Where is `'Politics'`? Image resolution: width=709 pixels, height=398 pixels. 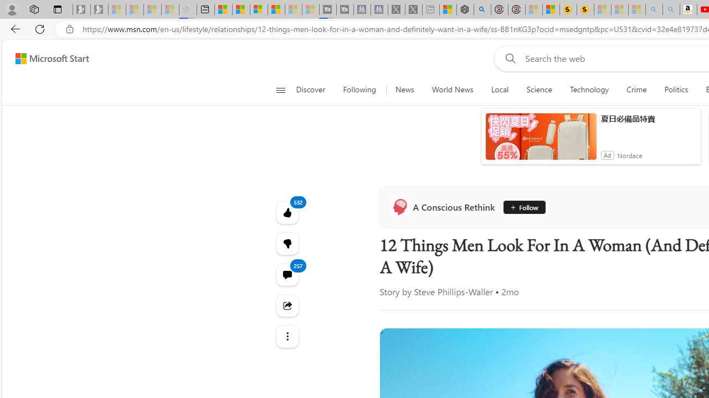 'Politics' is located at coordinates (676, 90).